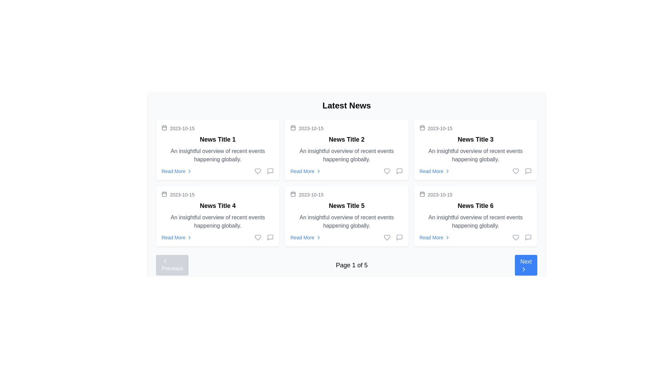 Image resolution: width=663 pixels, height=373 pixels. Describe the element at coordinates (475, 155) in the screenshot. I see `information from the text block styled with a gray font color that reads: 'An insightful overview of recent events happening globally.' located in the upper-right corner of the grid layout` at that location.